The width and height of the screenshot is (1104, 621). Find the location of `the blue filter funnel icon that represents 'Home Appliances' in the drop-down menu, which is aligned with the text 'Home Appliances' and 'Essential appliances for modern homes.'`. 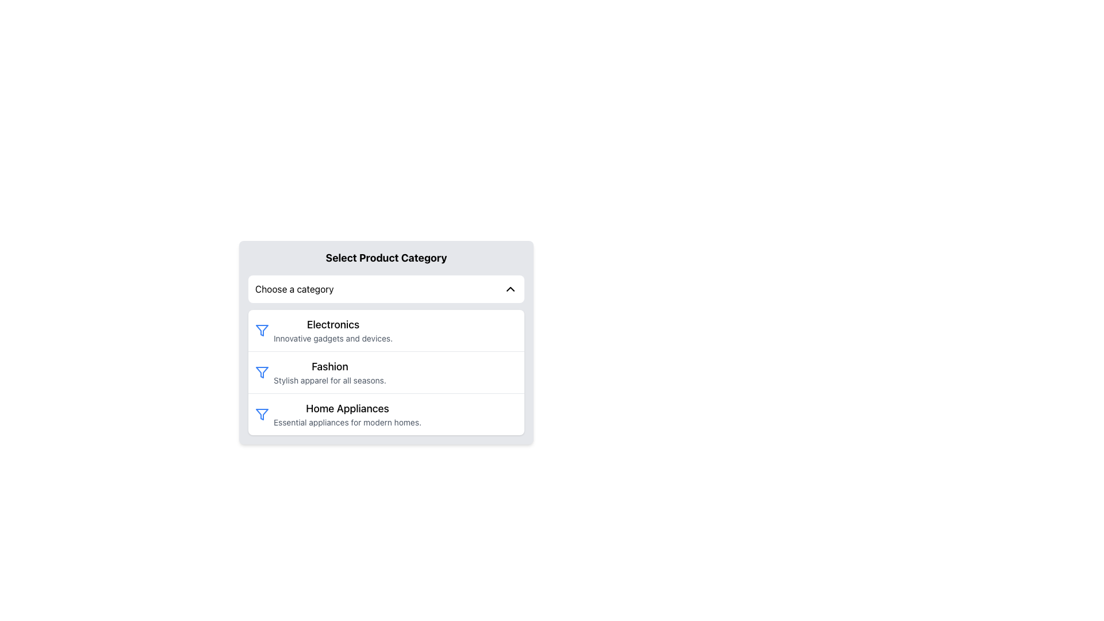

the blue filter funnel icon that represents 'Home Appliances' in the drop-down menu, which is aligned with the text 'Home Appliances' and 'Essential appliances for modern homes.' is located at coordinates (262, 415).